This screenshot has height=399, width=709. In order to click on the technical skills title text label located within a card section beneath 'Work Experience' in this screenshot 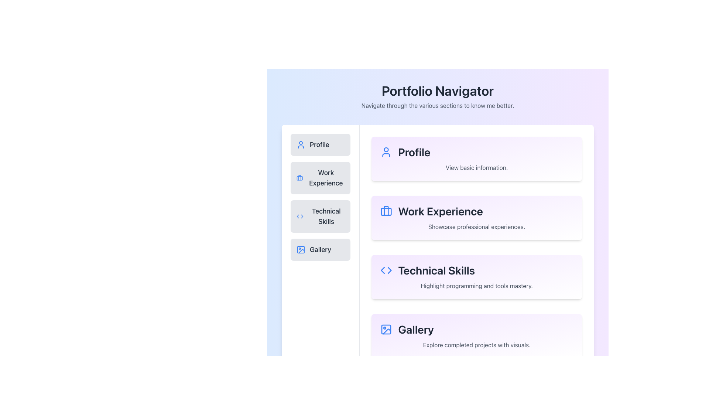, I will do `click(477, 270)`.